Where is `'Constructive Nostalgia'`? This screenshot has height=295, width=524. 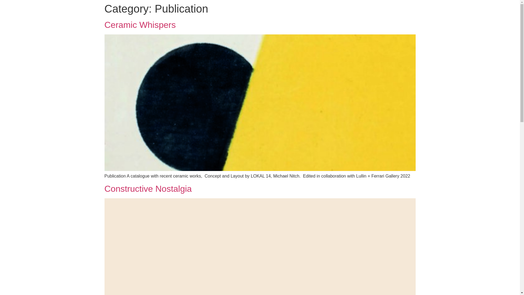
'Constructive Nostalgia' is located at coordinates (148, 188).